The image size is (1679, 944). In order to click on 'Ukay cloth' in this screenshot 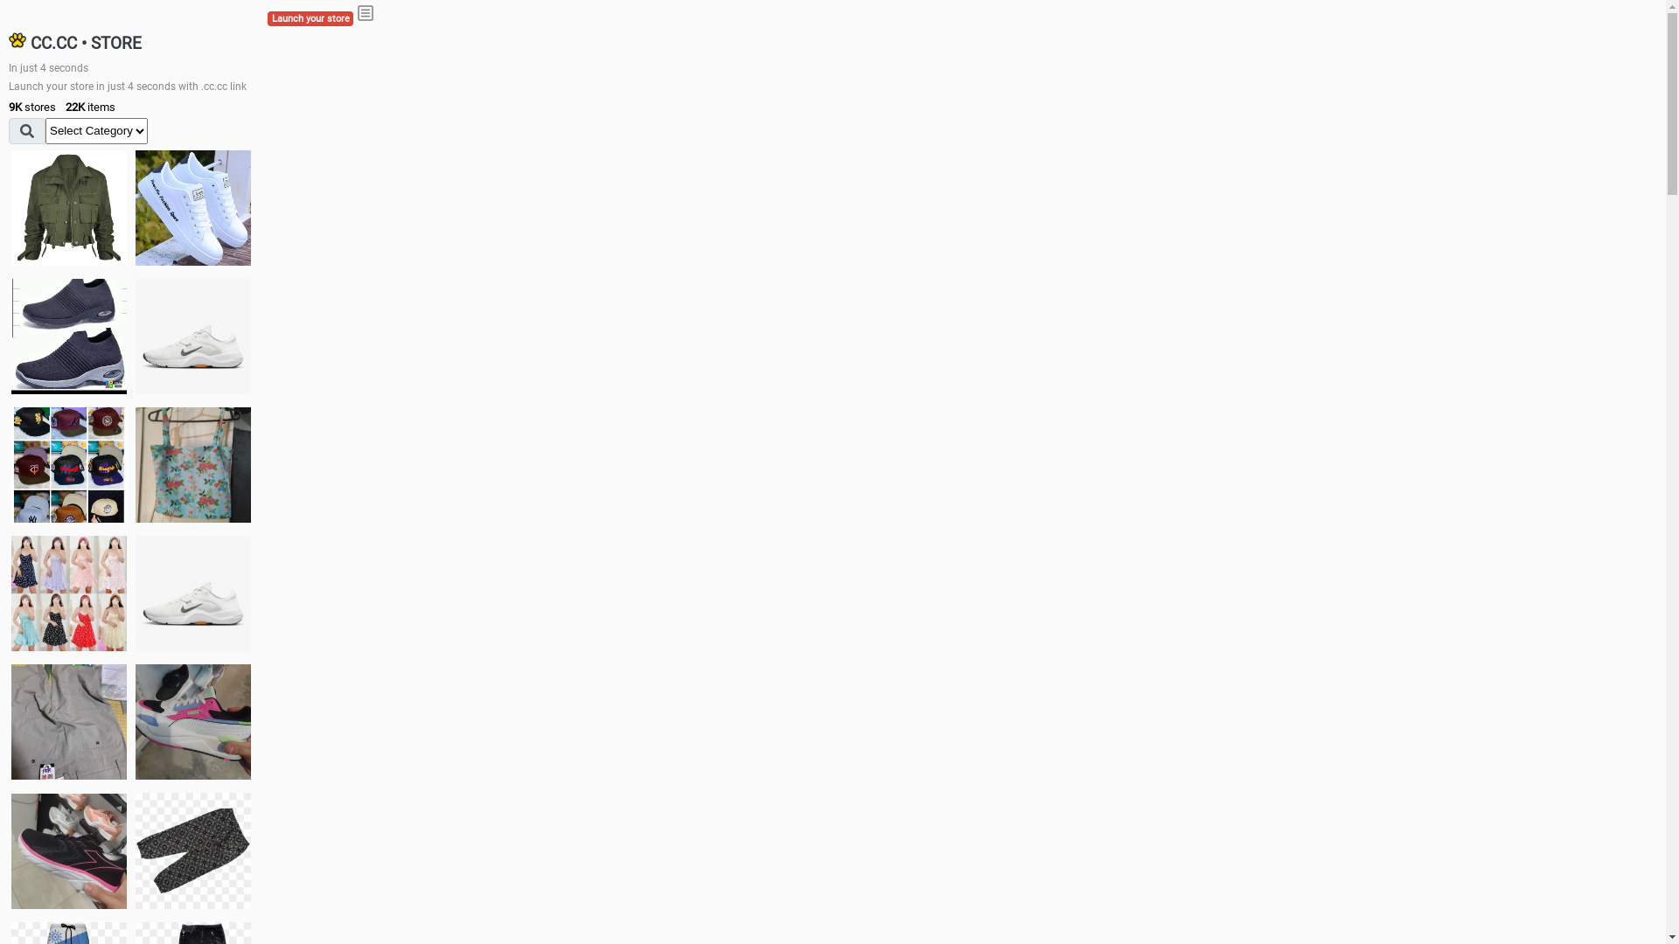, I will do `click(192, 464)`.